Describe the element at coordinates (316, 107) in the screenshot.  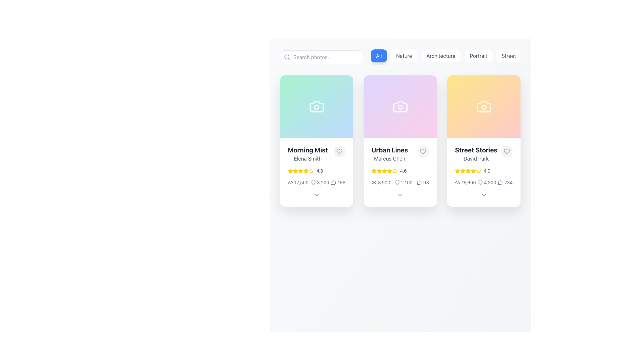
I see `the decorative circular SVG shape located at the center of the camera icon within the 'Morning Mist' card` at that location.